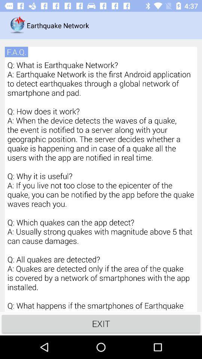  I want to click on the item below q what is icon, so click(101, 323).